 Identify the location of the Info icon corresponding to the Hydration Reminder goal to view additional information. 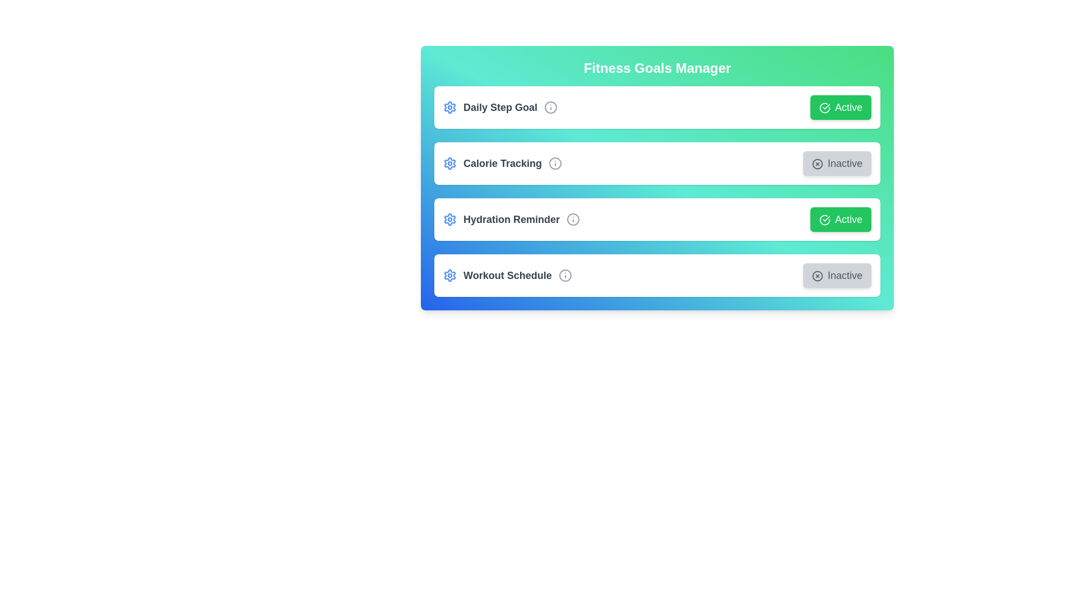
(573, 220).